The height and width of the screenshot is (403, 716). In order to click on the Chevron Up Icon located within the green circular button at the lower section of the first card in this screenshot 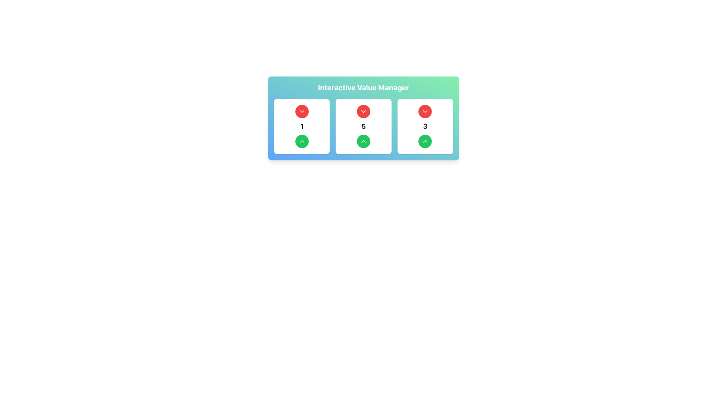, I will do `click(302, 141)`.